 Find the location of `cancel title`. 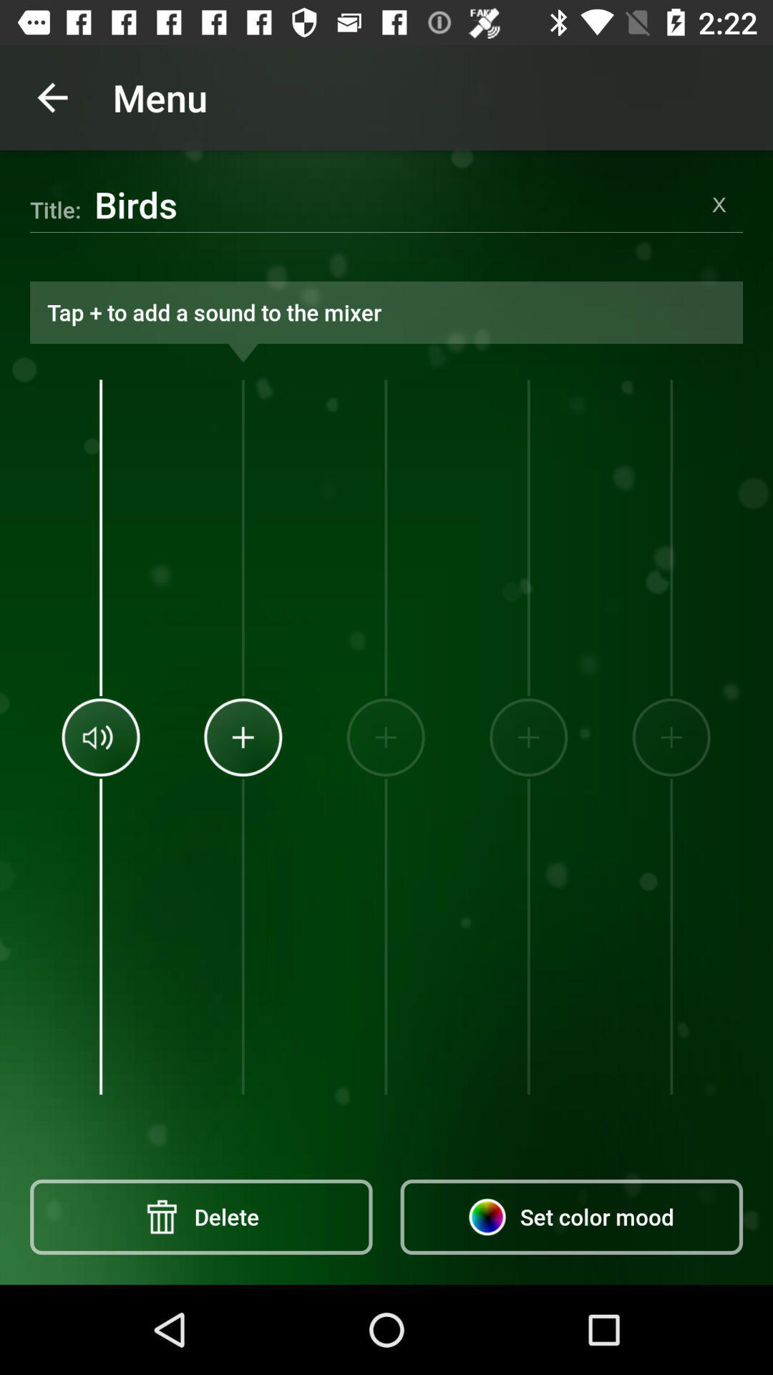

cancel title is located at coordinates (719, 203).